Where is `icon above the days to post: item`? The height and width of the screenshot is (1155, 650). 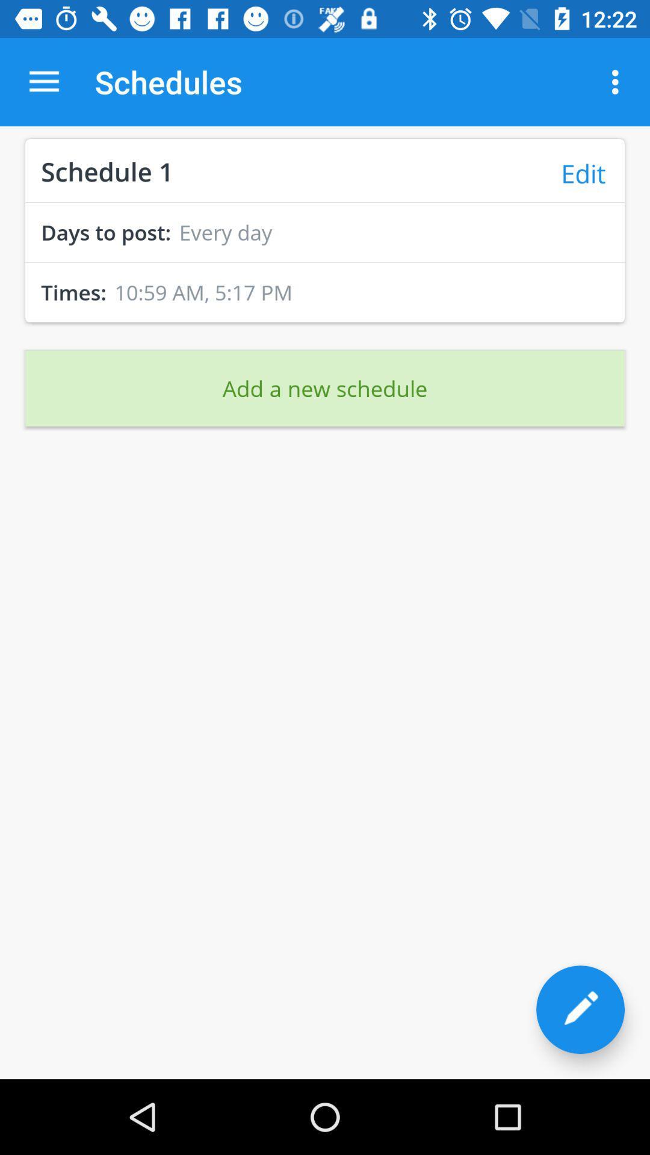
icon above the days to post: item is located at coordinates (325, 202).